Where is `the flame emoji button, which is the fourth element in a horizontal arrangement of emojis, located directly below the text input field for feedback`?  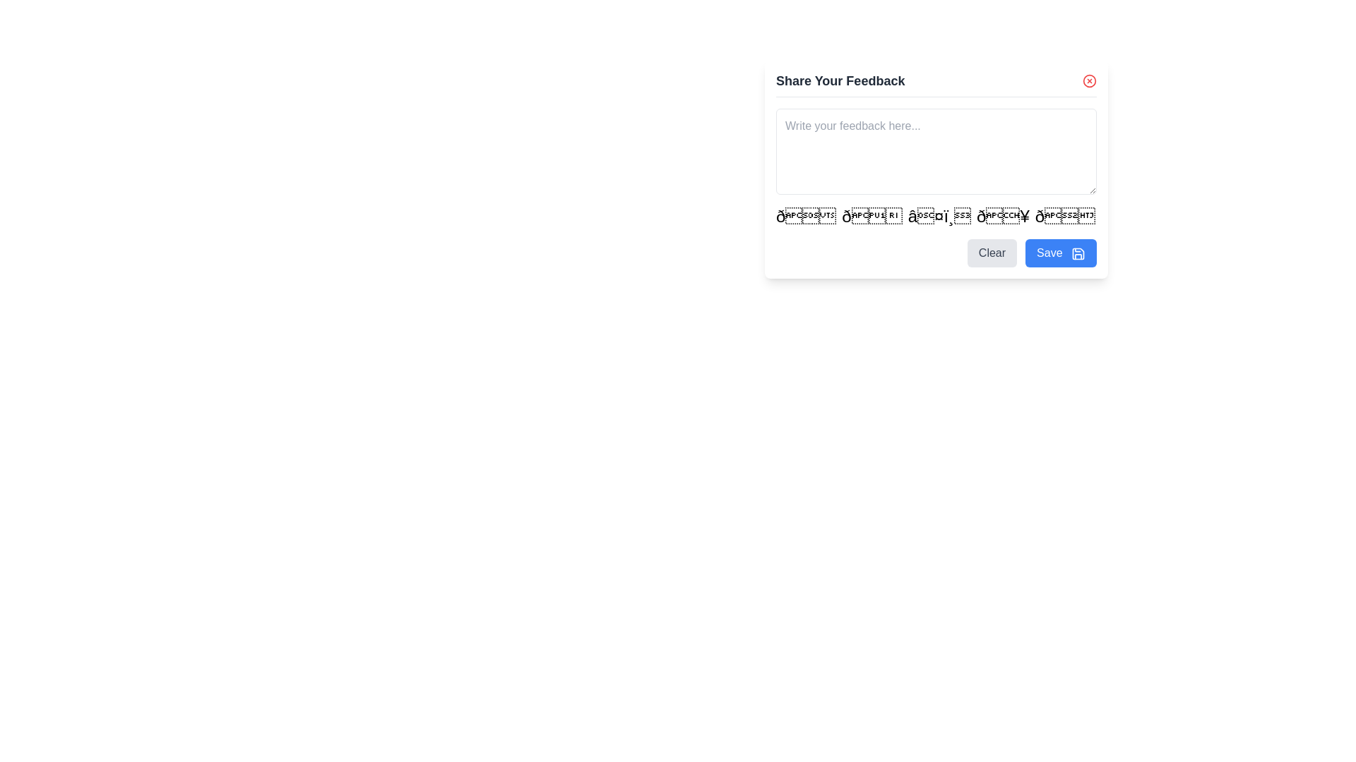
the flame emoji button, which is the fourth element in a horizontal arrangement of emojis, located directly below the text input field for feedback is located at coordinates (1002, 217).